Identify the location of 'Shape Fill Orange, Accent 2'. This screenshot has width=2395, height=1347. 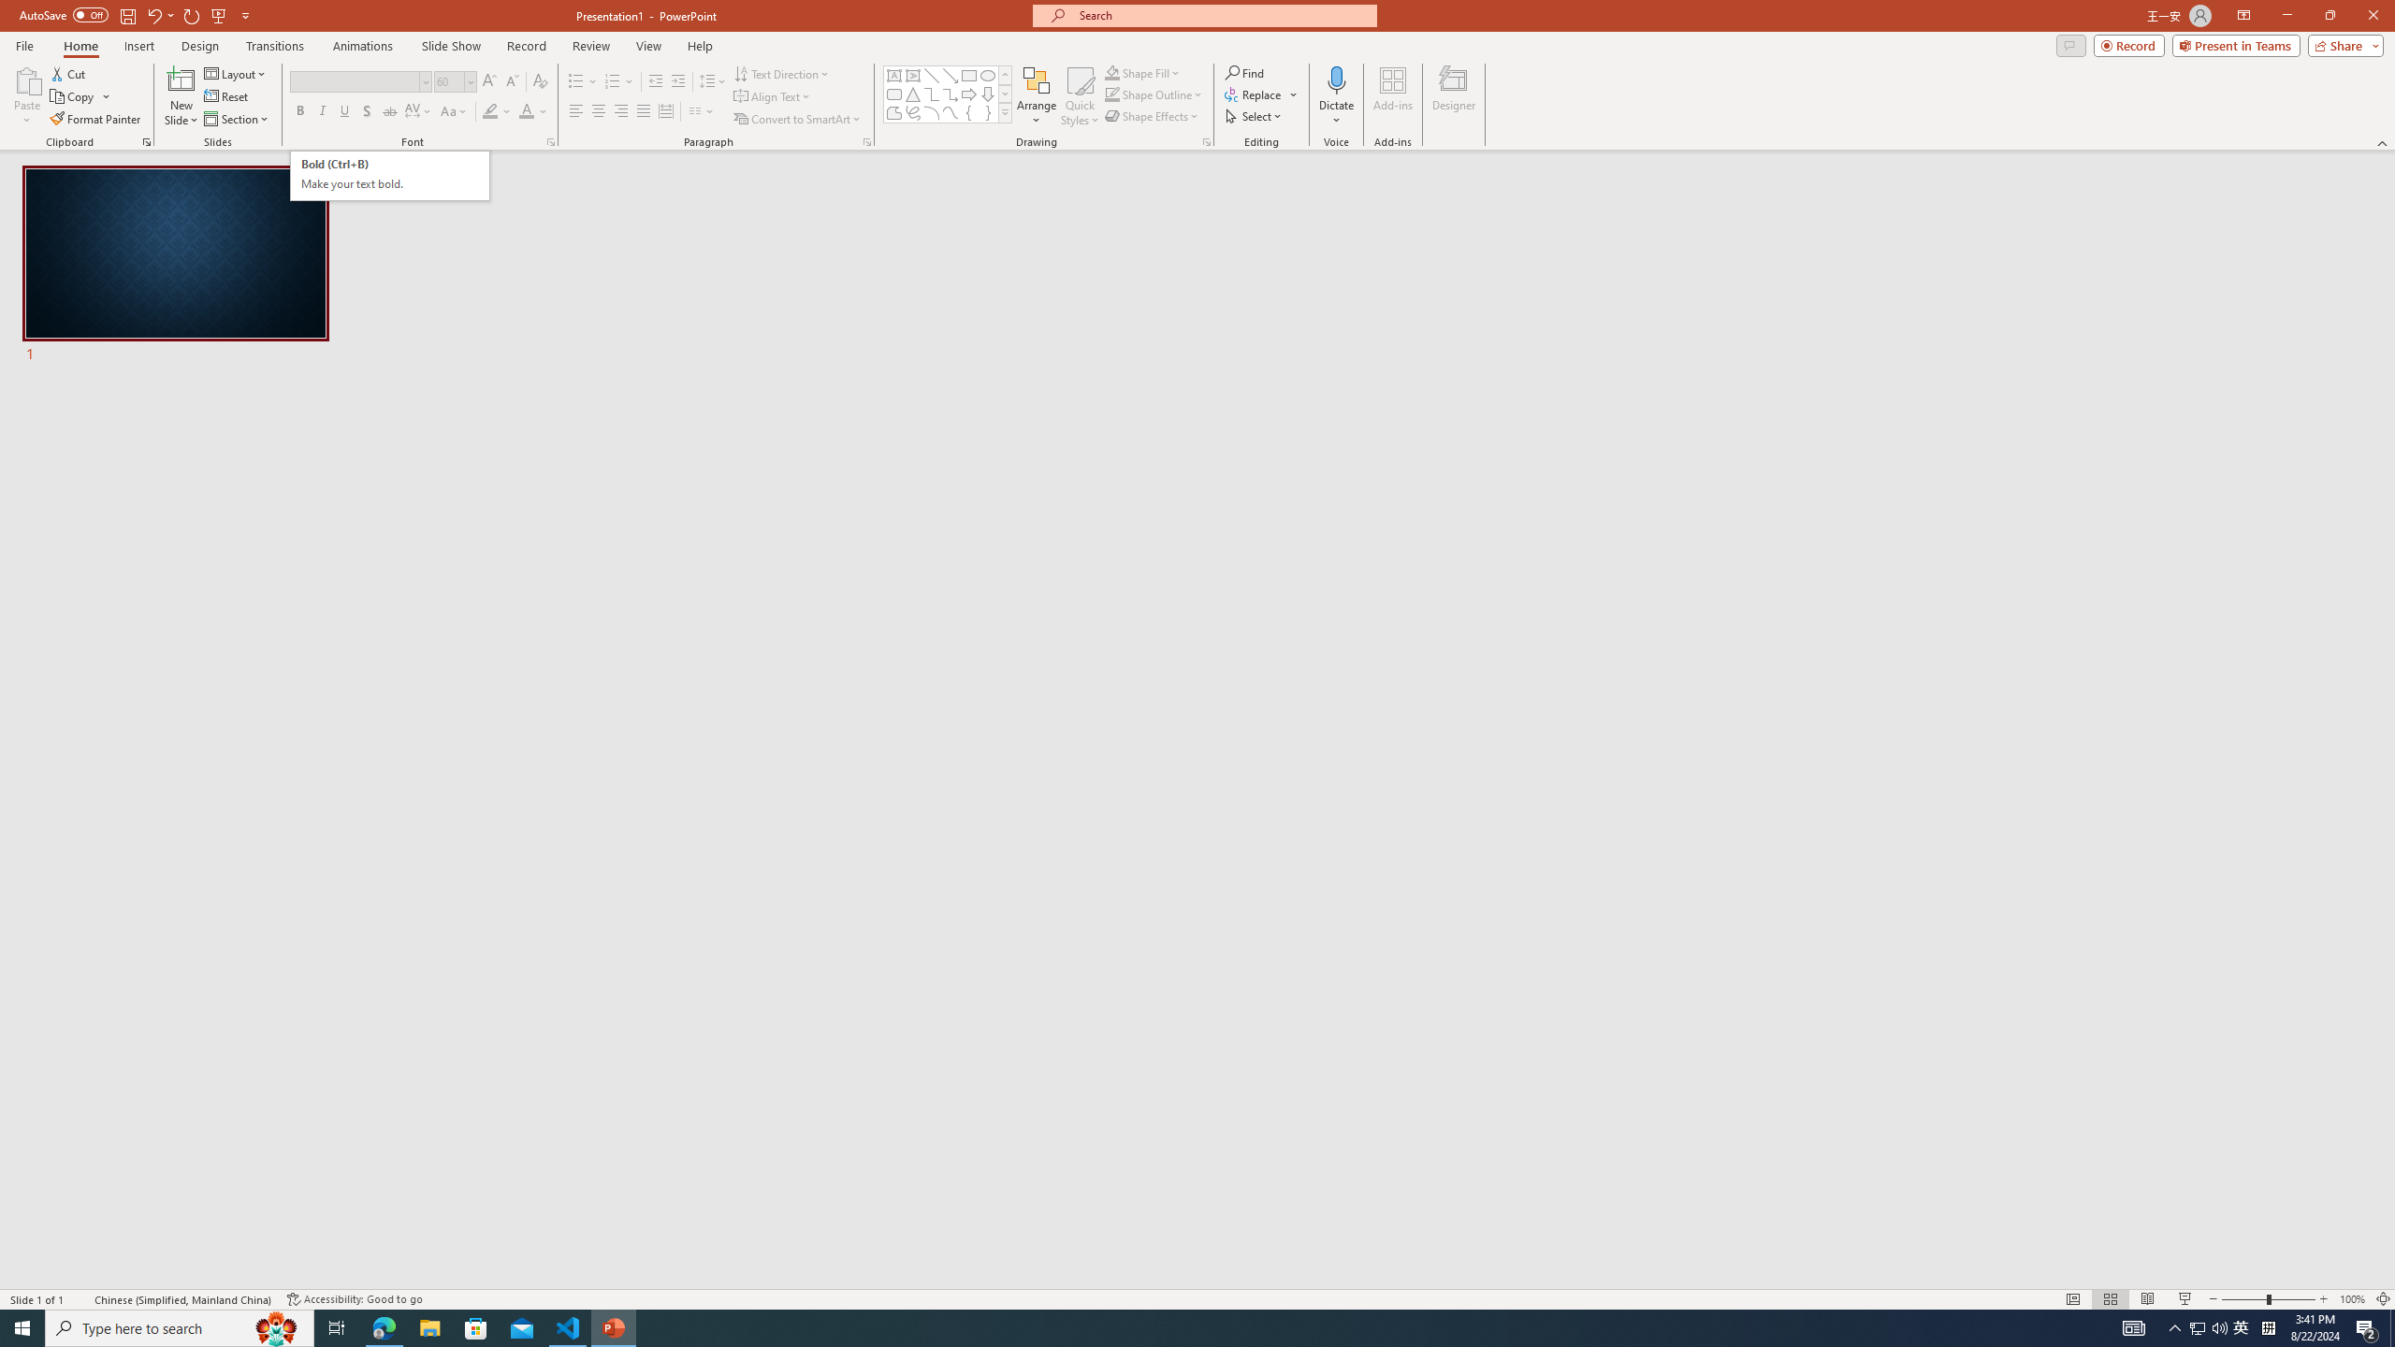
(1112, 72).